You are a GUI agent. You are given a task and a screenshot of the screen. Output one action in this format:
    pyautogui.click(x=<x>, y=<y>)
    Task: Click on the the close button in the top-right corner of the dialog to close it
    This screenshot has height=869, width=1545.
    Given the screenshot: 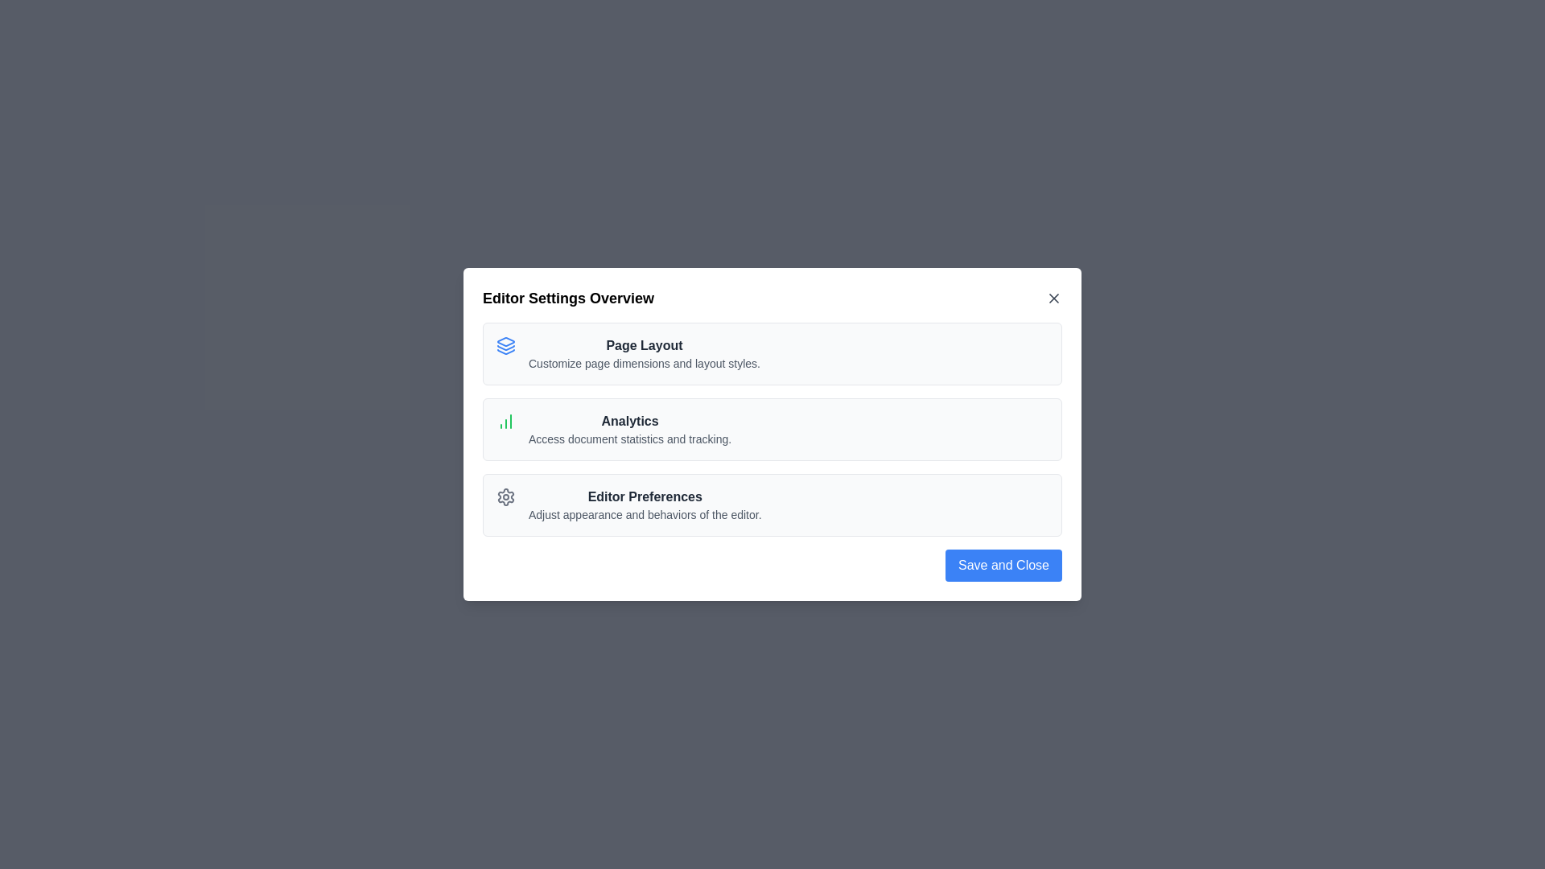 What is the action you would take?
    pyautogui.click(x=1054, y=298)
    